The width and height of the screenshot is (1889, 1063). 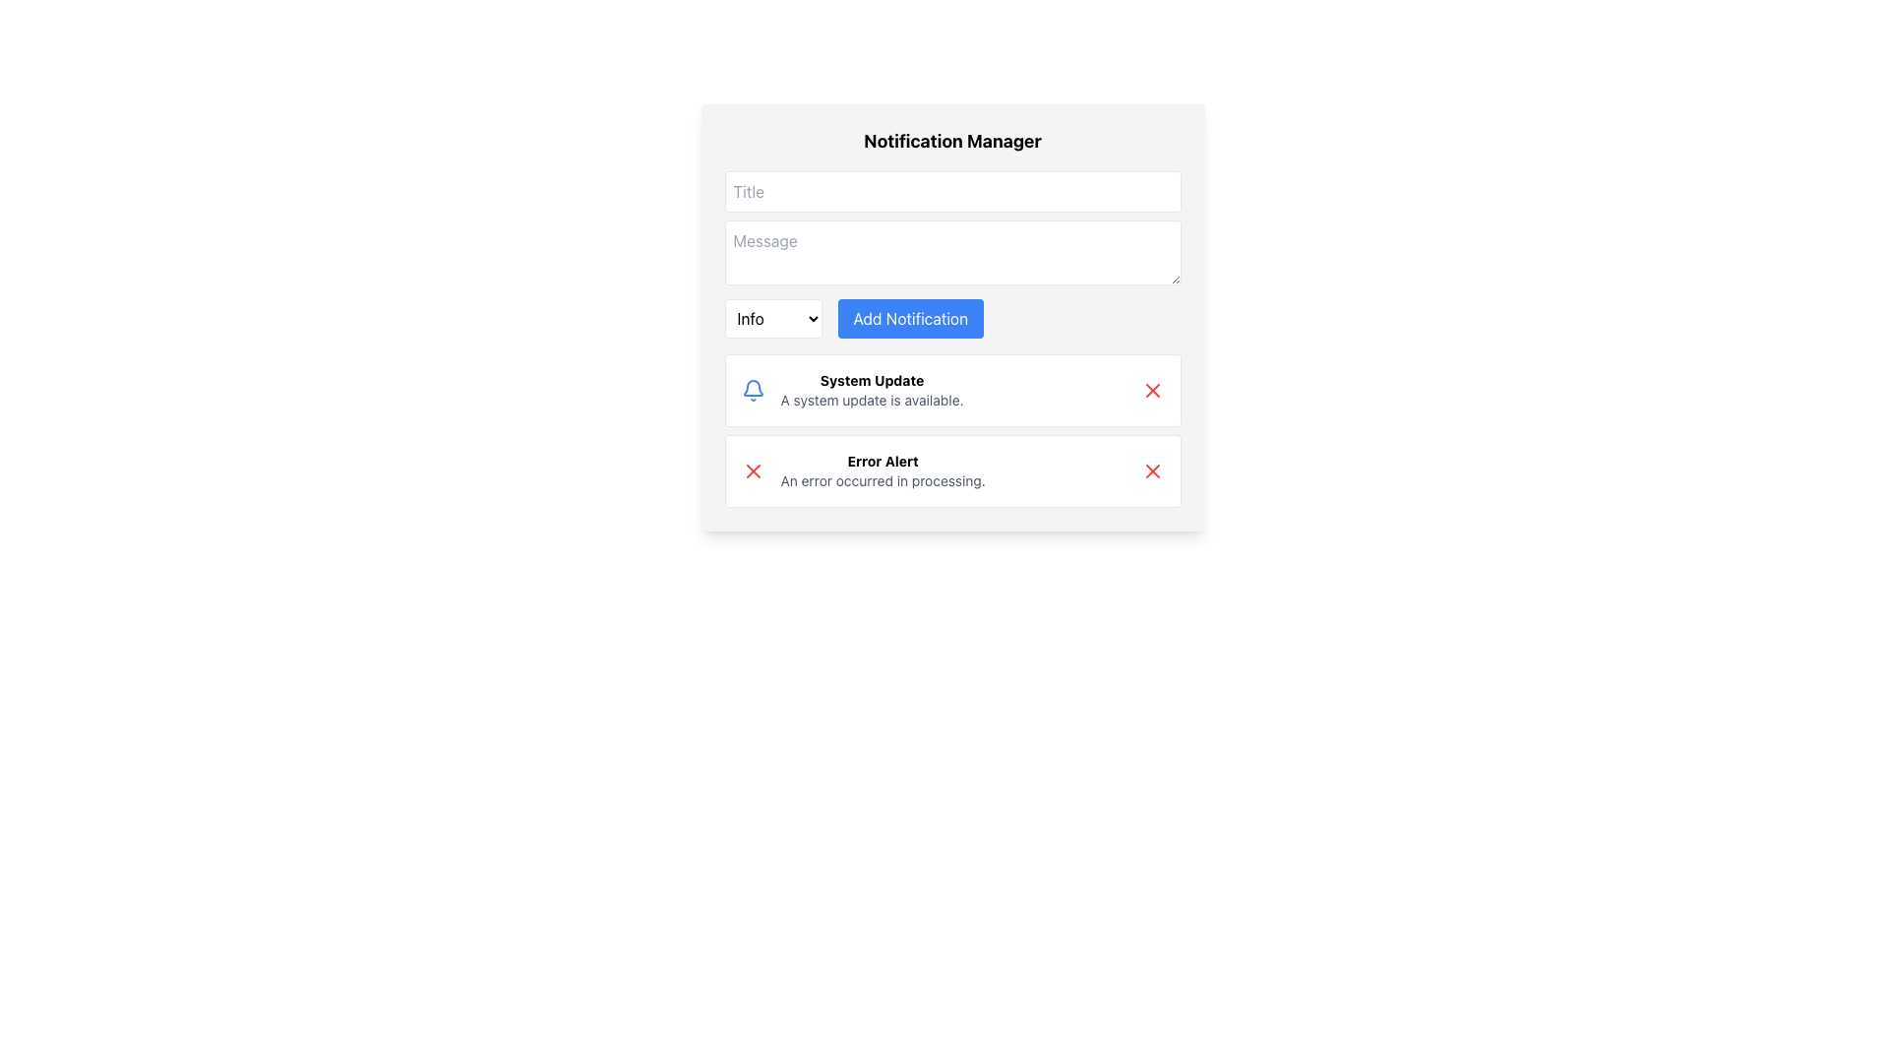 What do you see at coordinates (752, 470) in the screenshot?
I see `the dismiss button for the 'Error Alert' notification to observe any potential hover effects` at bounding box center [752, 470].